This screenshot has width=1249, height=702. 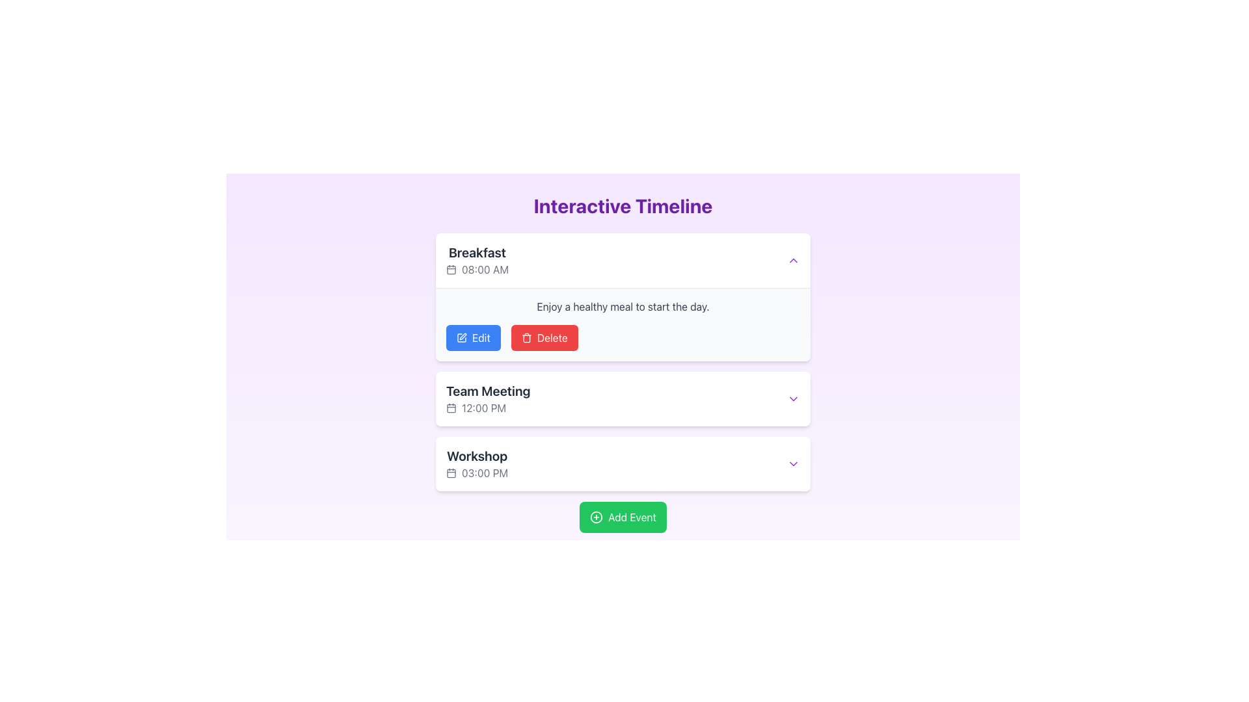 What do you see at coordinates (526, 337) in the screenshot?
I see `the delete icon located to the left of the 'Delete' text in the delete button for the 'Breakfast' event` at bounding box center [526, 337].